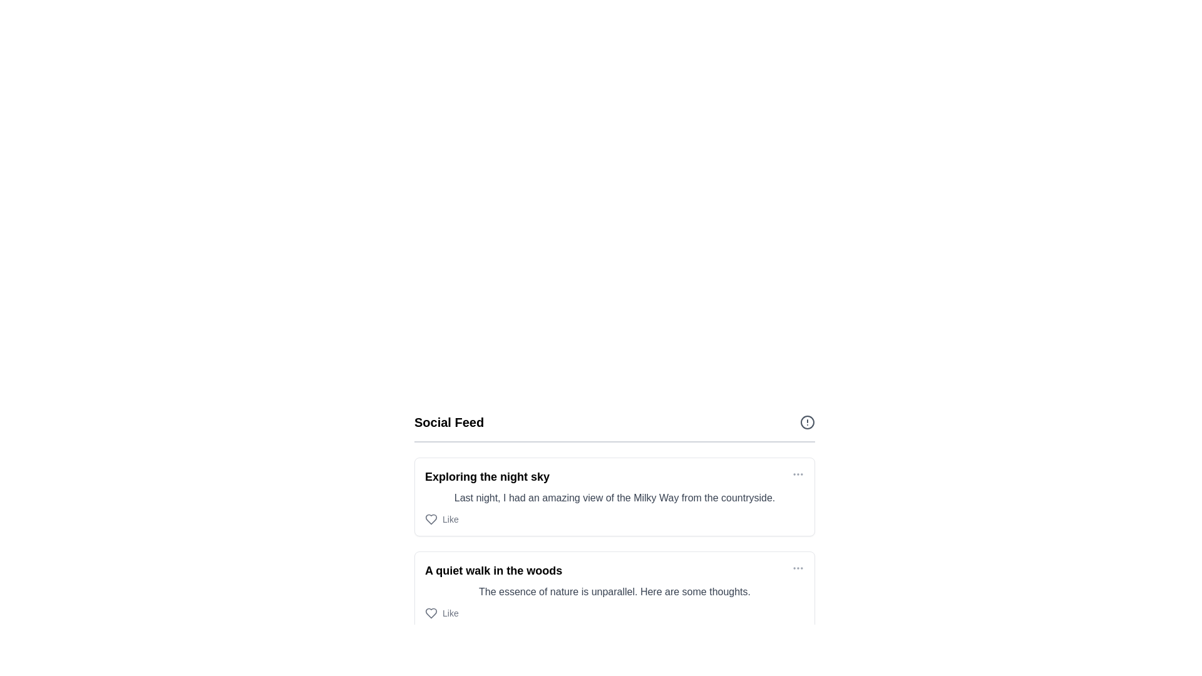 Image resolution: width=1202 pixels, height=676 pixels. Describe the element at coordinates (449, 422) in the screenshot. I see `the 'Social Feed' text label, which is a bold and large font heading located on the left-hand side of the top bar in the 'Social Feed' section` at that location.